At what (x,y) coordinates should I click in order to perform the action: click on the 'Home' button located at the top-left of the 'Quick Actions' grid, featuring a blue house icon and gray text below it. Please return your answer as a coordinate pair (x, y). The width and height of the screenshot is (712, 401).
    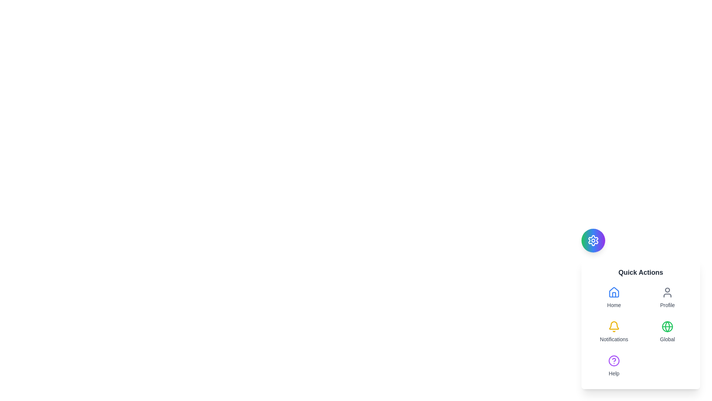
    Looking at the image, I should click on (614, 297).